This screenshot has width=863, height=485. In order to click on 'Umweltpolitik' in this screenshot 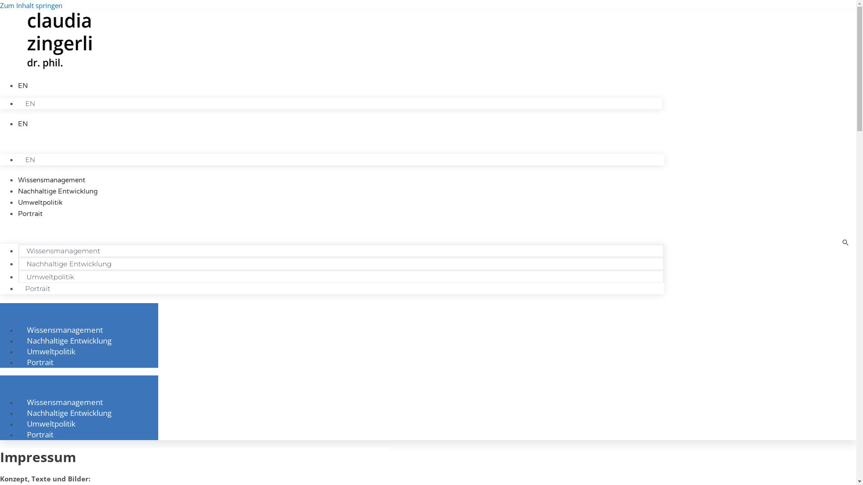, I will do `click(18, 351)`.